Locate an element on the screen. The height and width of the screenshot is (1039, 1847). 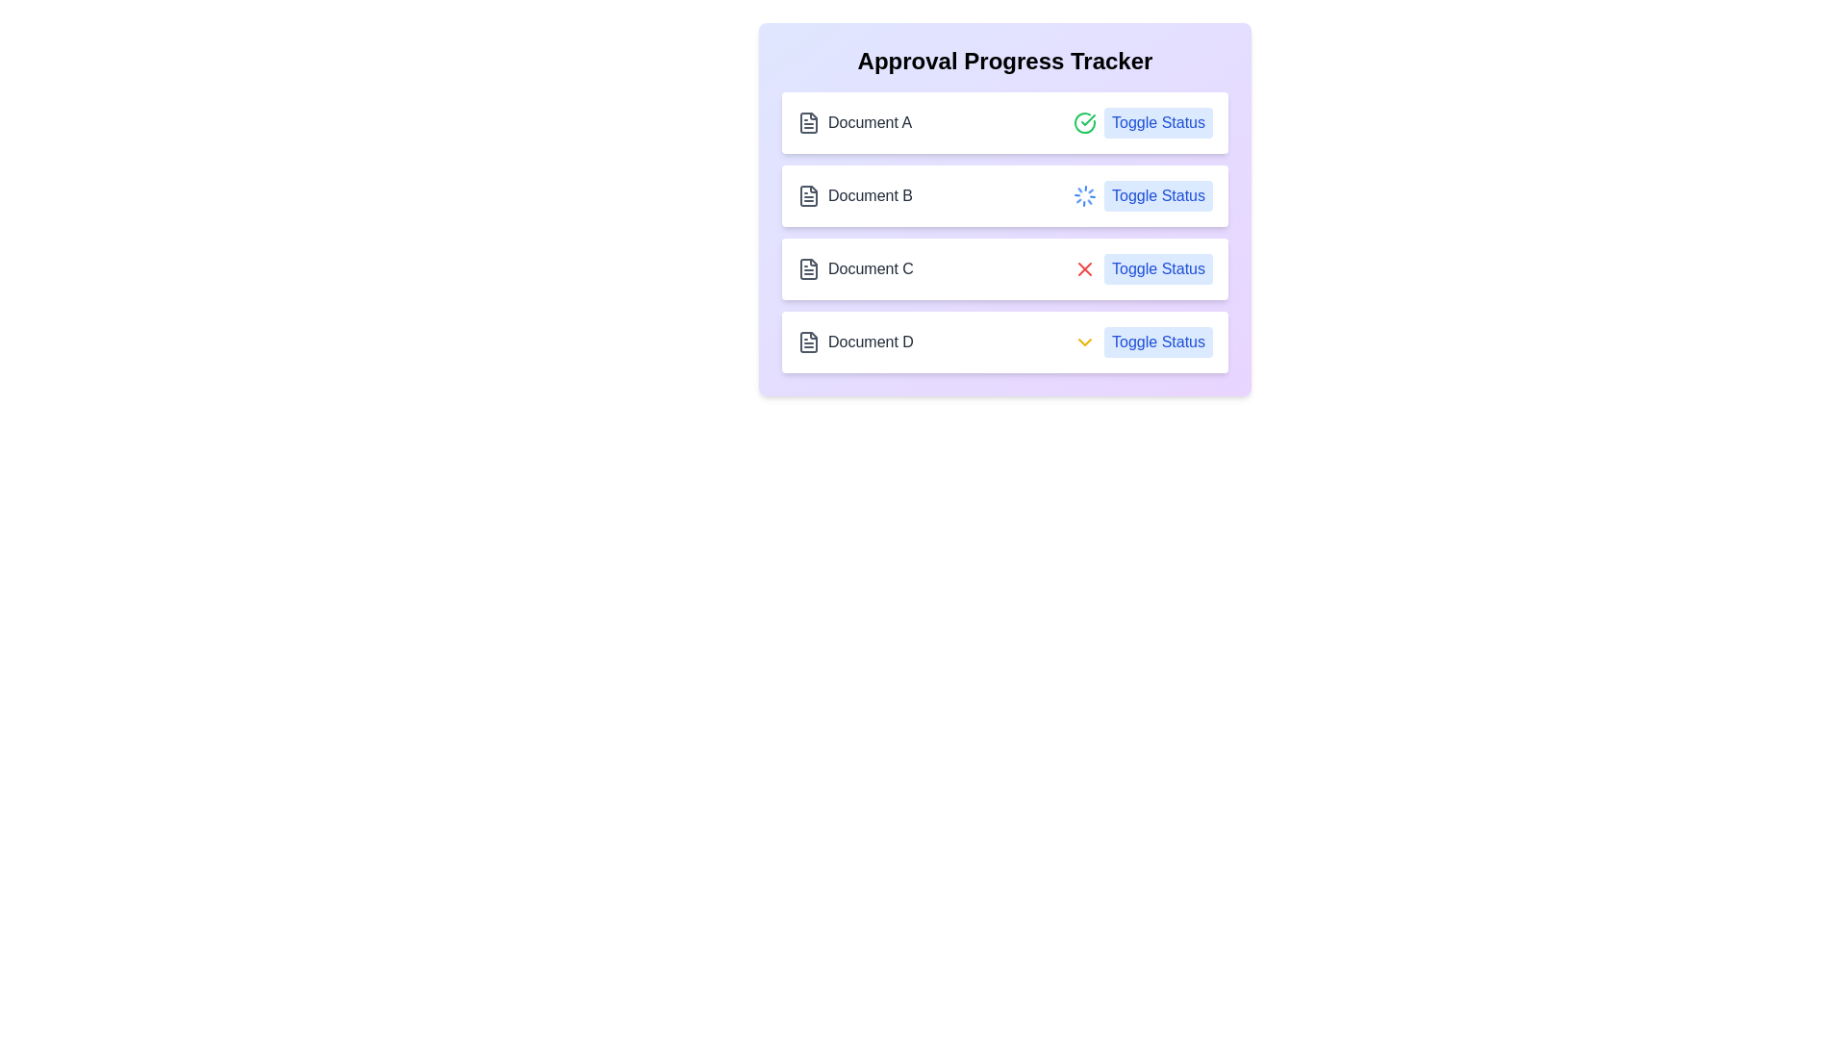
the error icon located to the right of 'Document C' in the vertical list, which indicates an error or rejection status is located at coordinates (1085, 269).